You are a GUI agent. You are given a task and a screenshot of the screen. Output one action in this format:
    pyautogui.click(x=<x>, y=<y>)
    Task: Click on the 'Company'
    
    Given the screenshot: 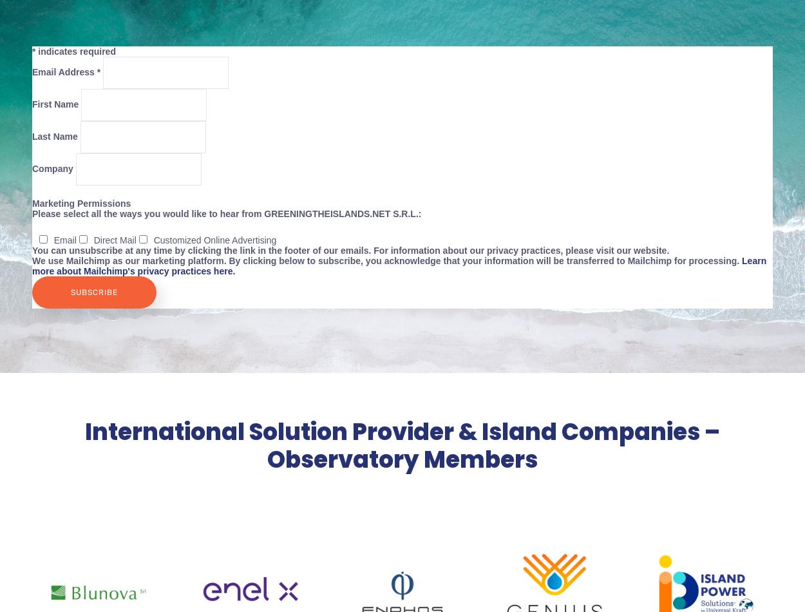 What is the action you would take?
    pyautogui.click(x=53, y=167)
    